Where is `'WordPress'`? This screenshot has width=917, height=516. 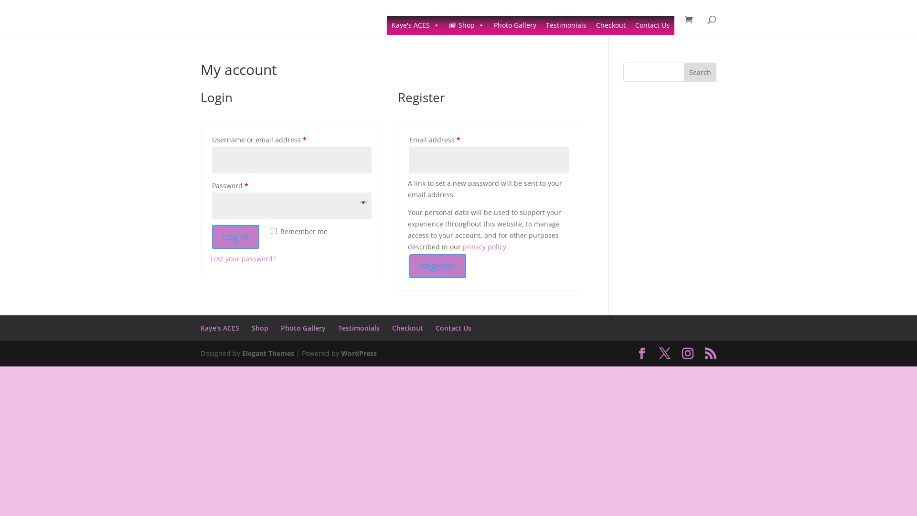
'WordPress' is located at coordinates (358, 353).